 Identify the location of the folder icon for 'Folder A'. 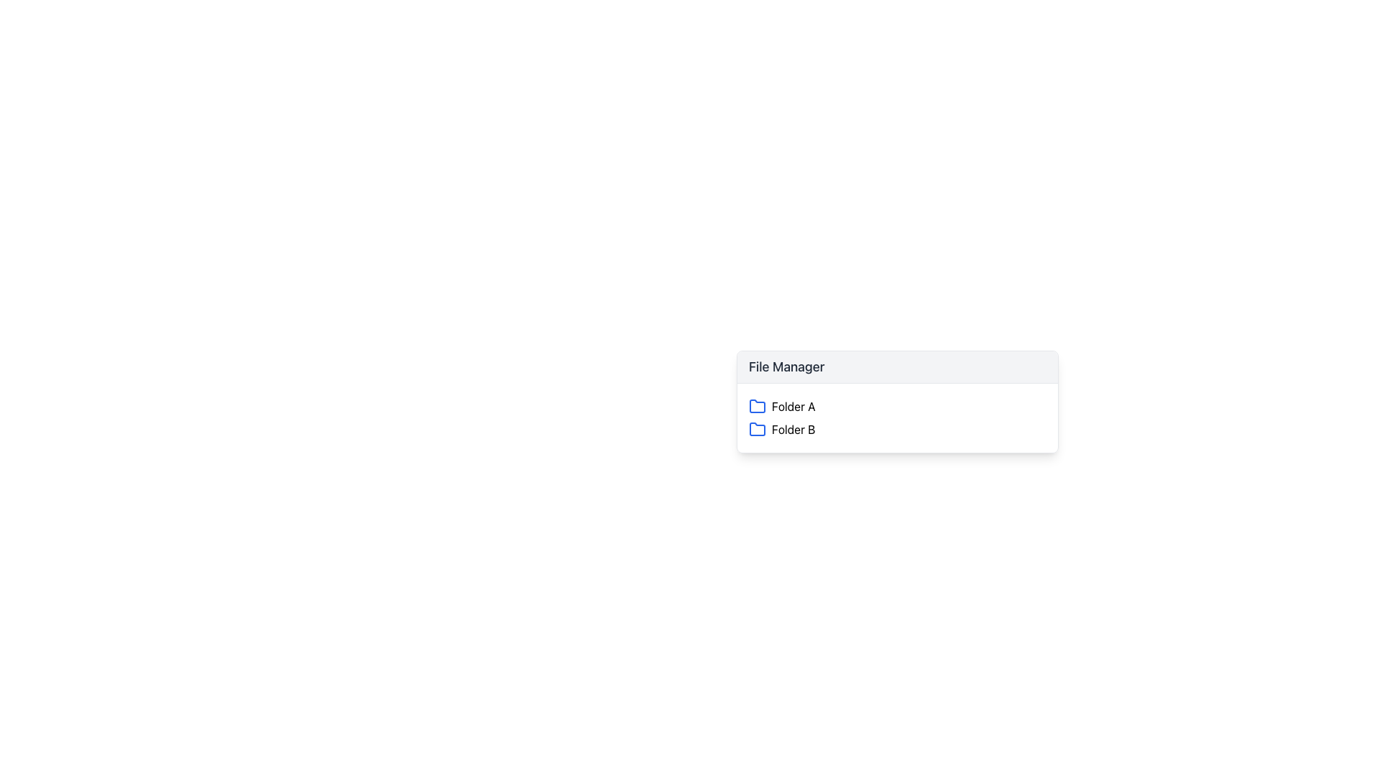
(757, 407).